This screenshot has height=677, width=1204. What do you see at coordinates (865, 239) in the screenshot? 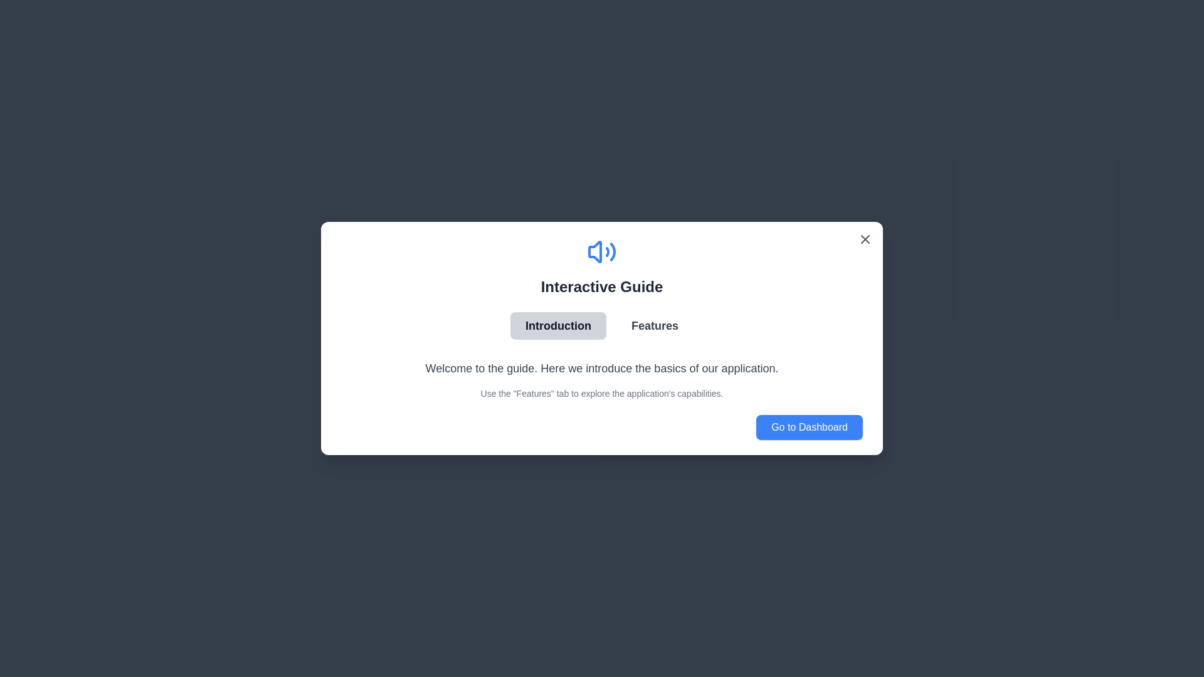
I see `the close icon, represented by an 'X' shape, located in the top-right corner of the modal dialog box` at bounding box center [865, 239].